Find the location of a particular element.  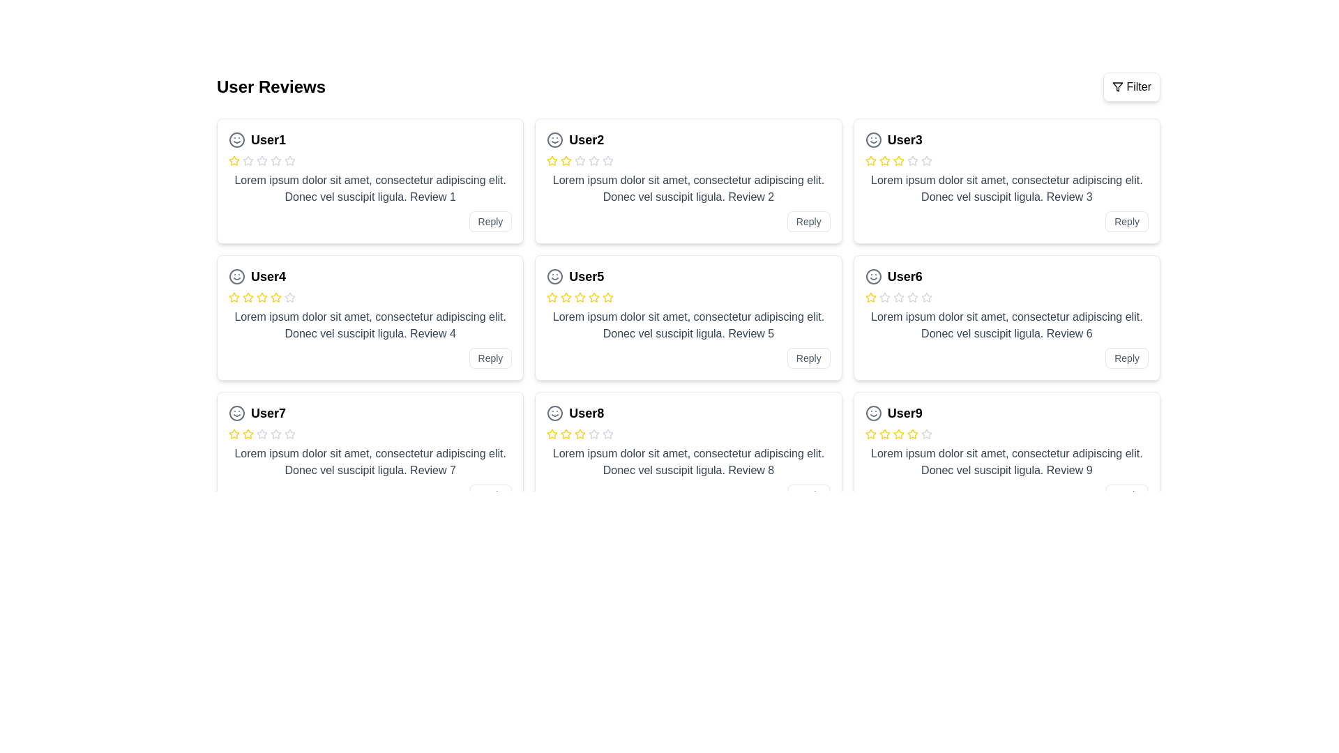

the first star in the 5-star rating system for User6's review is located at coordinates (870, 297).